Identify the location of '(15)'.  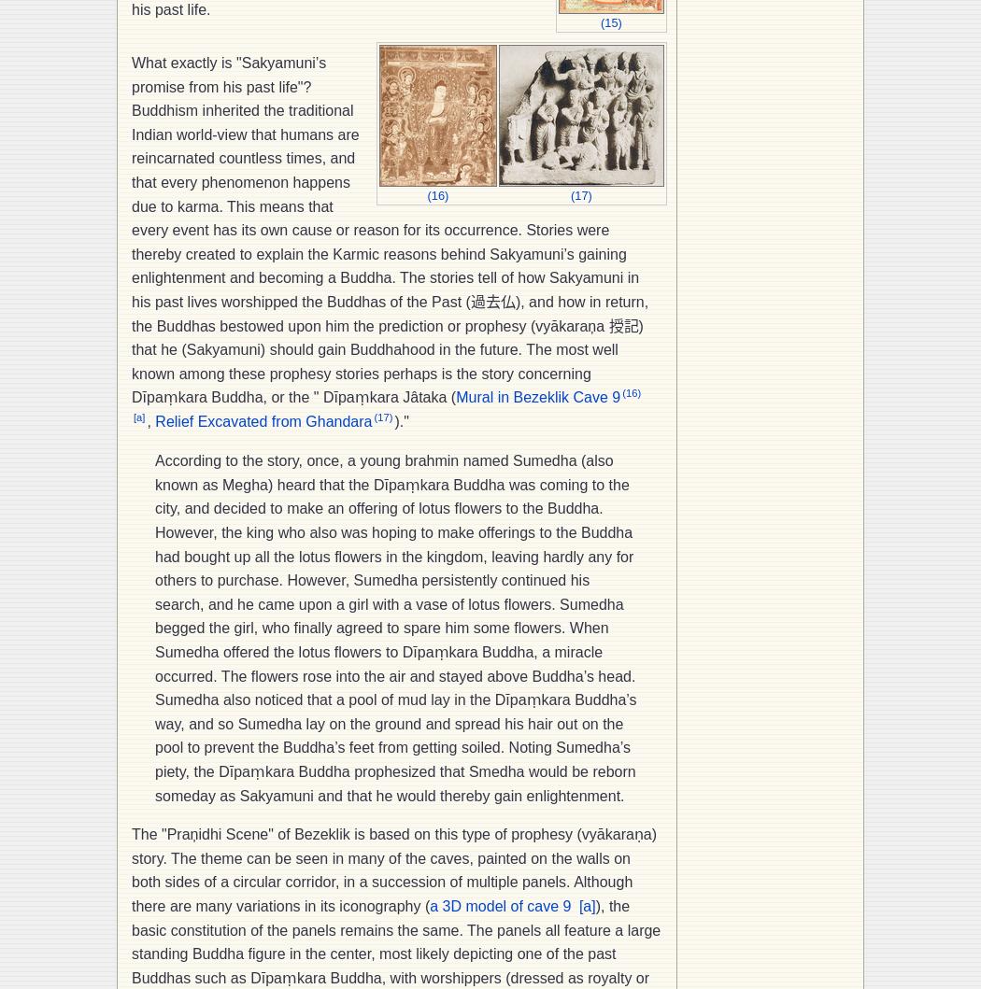
(610, 22).